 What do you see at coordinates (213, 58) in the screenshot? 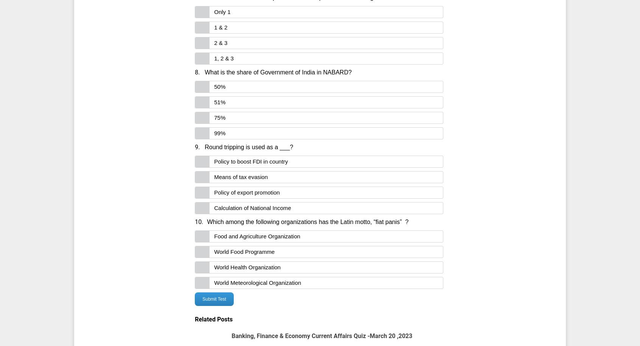
I see `'1, 2 & 3'` at bounding box center [213, 58].